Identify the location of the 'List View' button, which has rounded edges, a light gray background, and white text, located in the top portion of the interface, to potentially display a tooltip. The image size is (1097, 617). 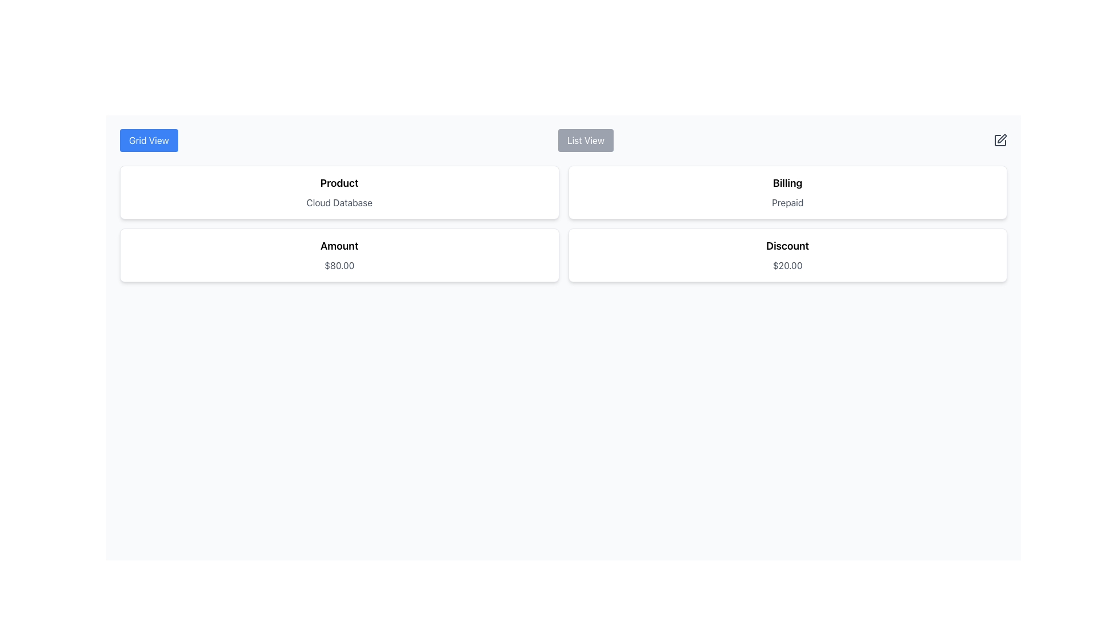
(586, 140).